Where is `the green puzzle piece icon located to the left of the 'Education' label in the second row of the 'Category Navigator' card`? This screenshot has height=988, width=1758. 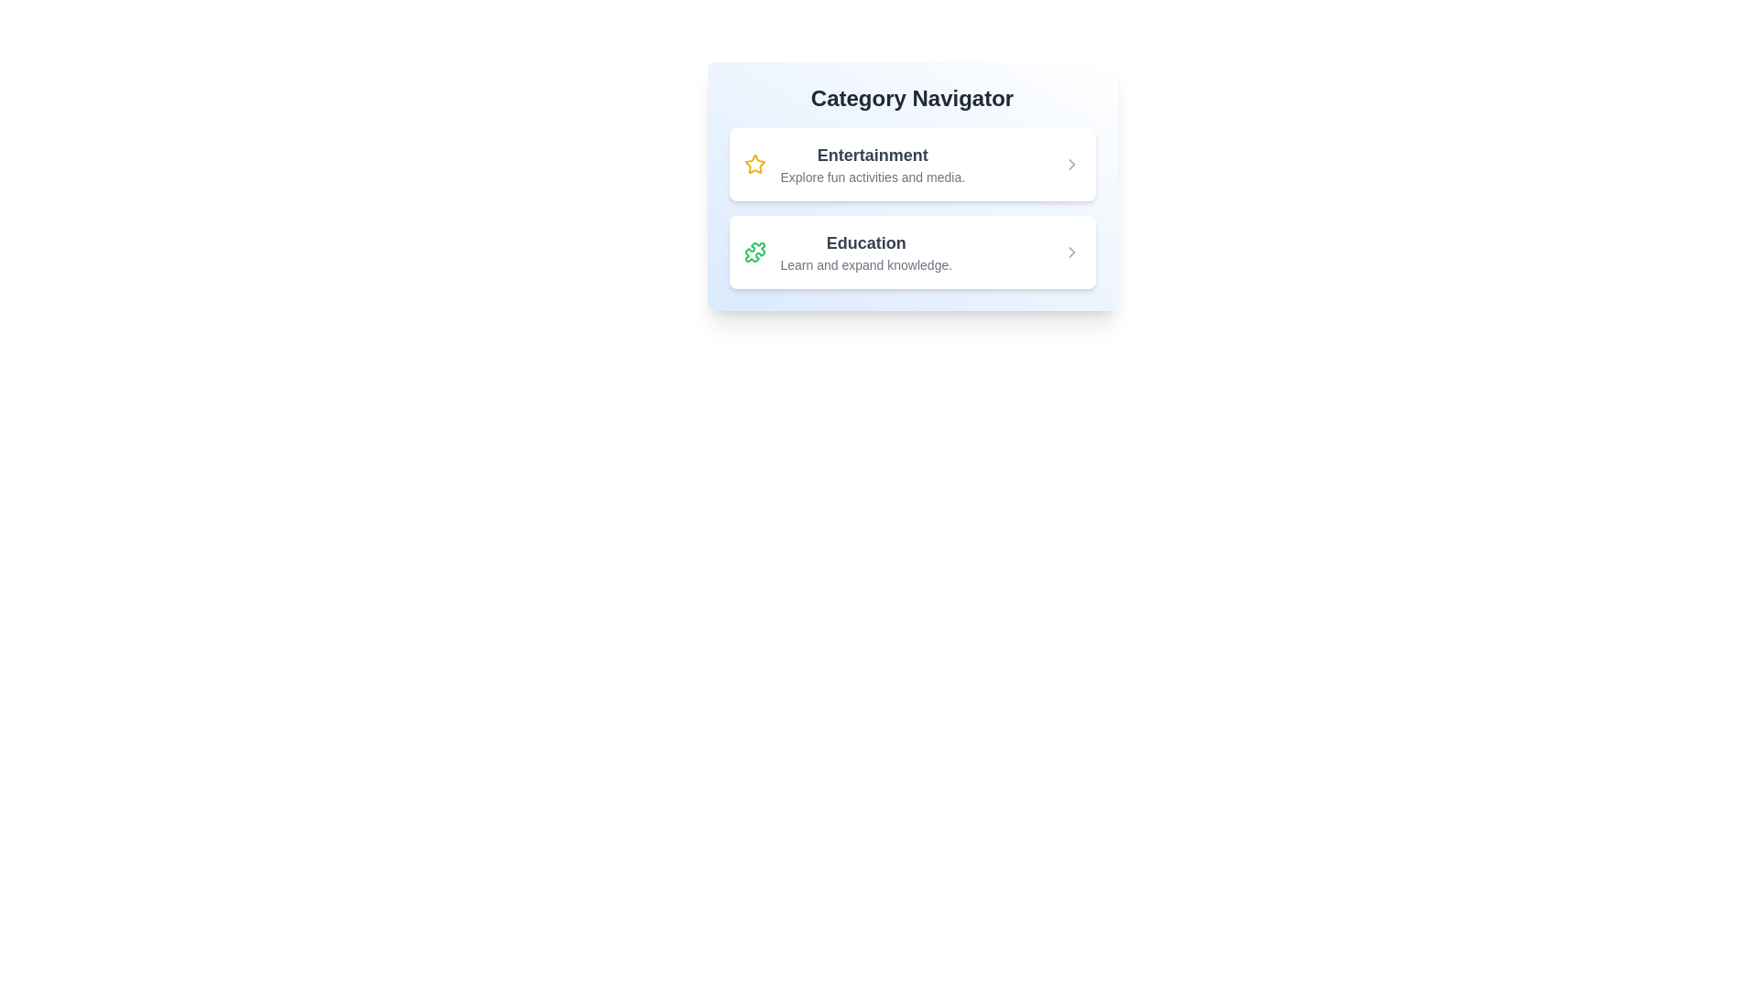 the green puzzle piece icon located to the left of the 'Education' label in the second row of the 'Category Navigator' card is located at coordinates (754, 252).